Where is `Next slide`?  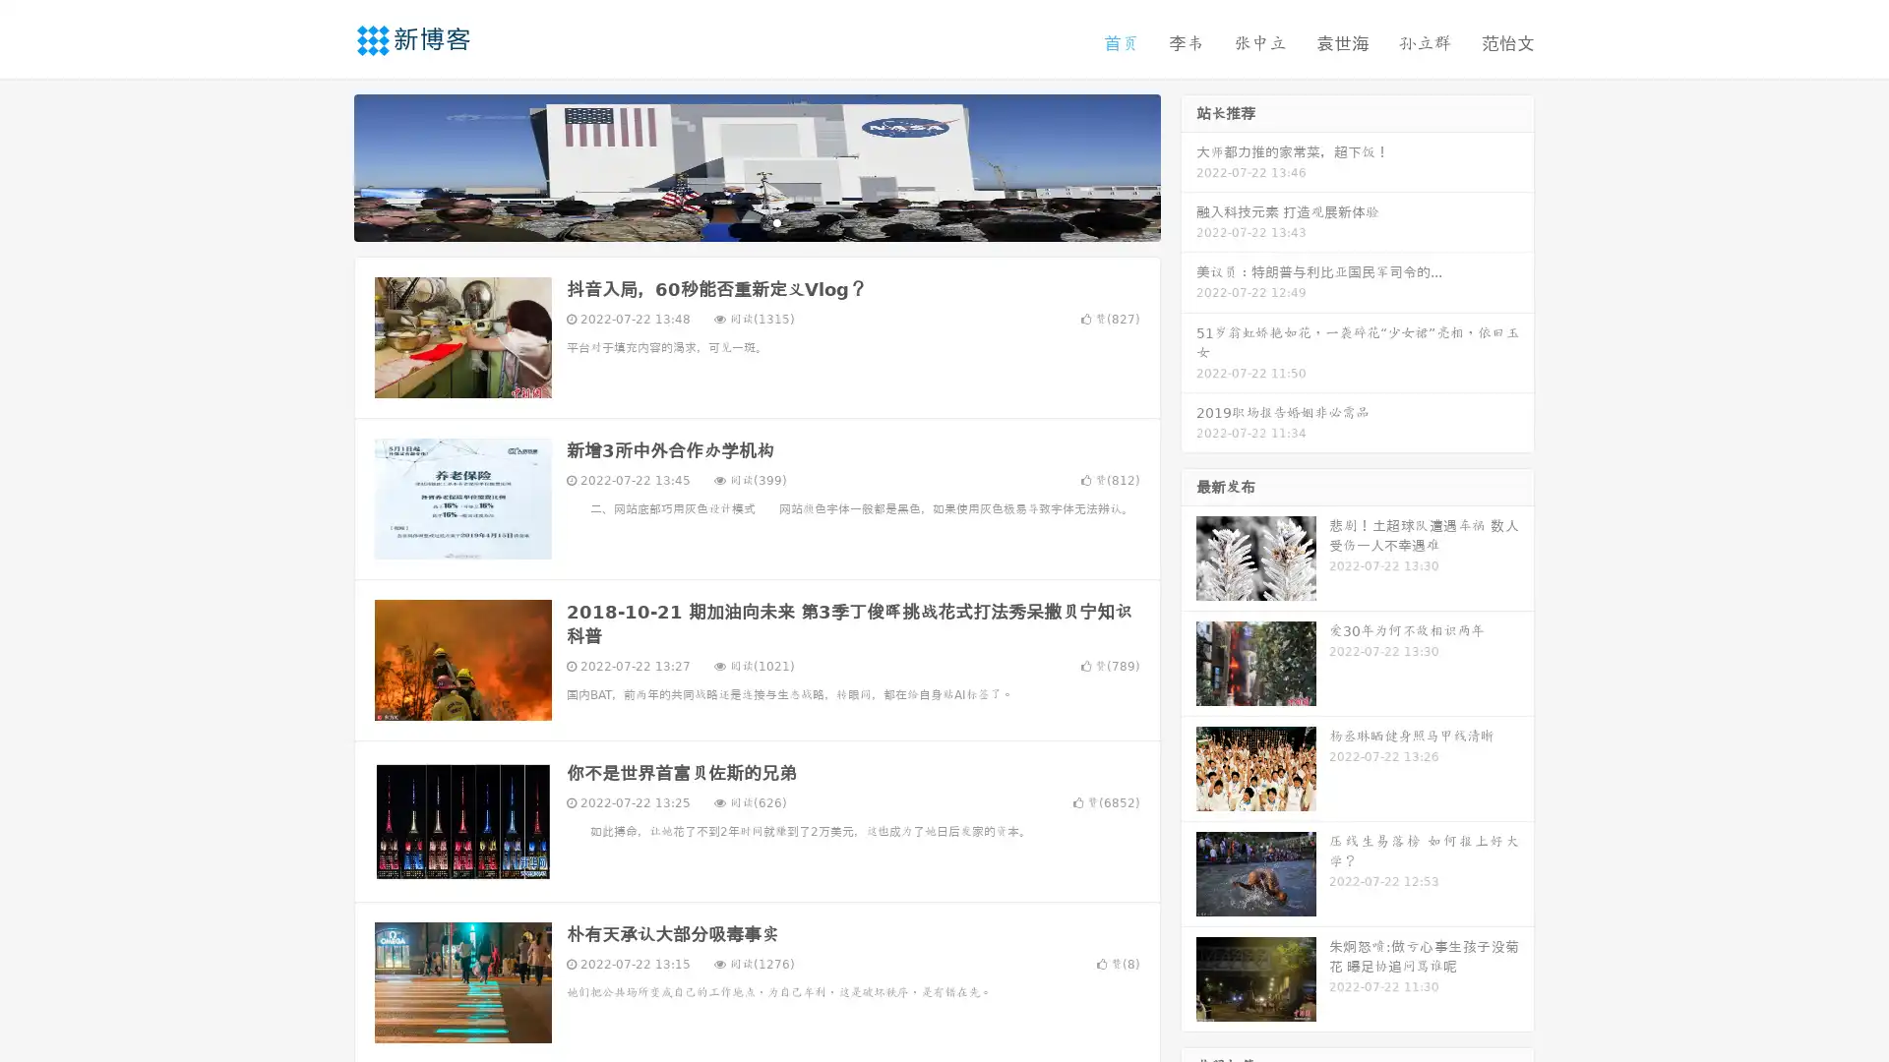 Next slide is located at coordinates (1188, 165).